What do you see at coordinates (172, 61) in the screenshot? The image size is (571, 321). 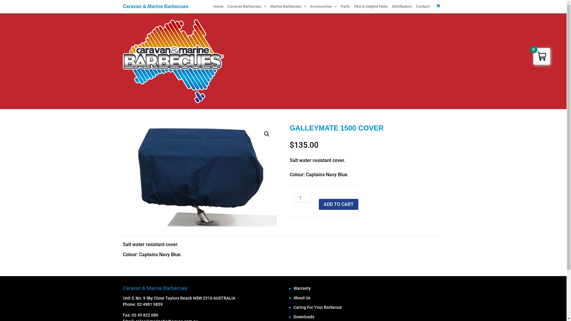 I see `'caravan-marine-bbq-logo'` at bounding box center [172, 61].